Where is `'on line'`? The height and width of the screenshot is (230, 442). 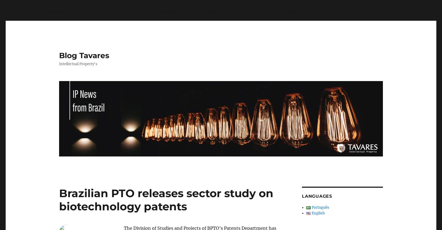 'on line' is located at coordinates (343, 11).